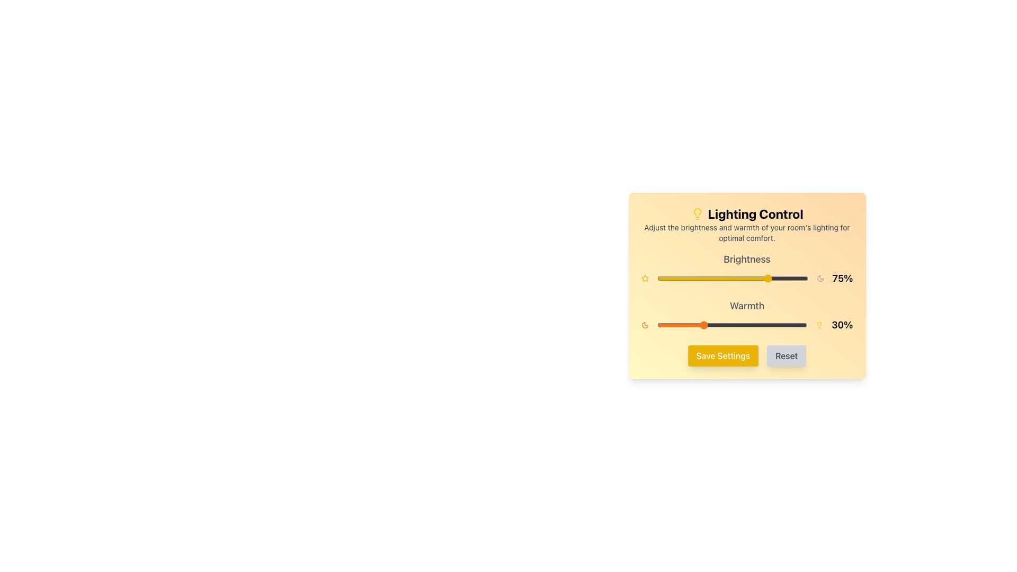  What do you see at coordinates (760, 324) in the screenshot?
I see `warmth` at bounding box center [760, 324].